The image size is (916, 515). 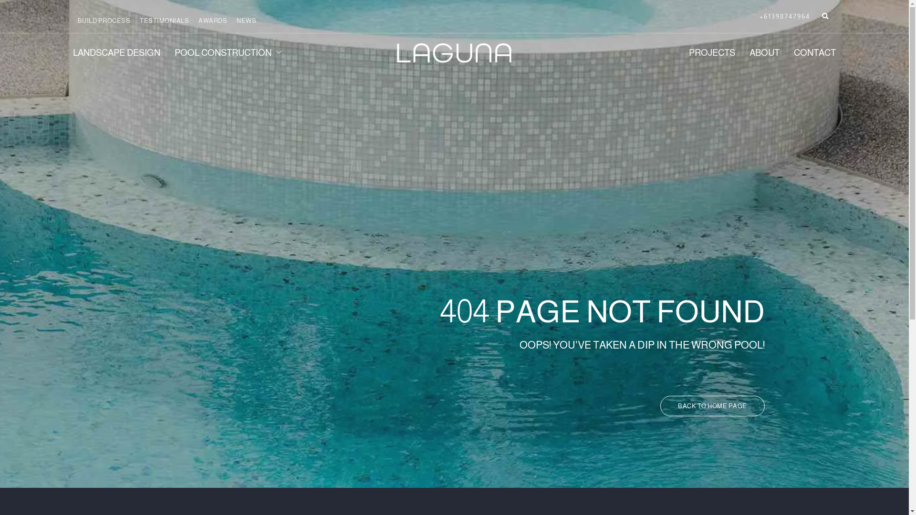 I want to click on '+61398747964', so click(x=785, y=16).